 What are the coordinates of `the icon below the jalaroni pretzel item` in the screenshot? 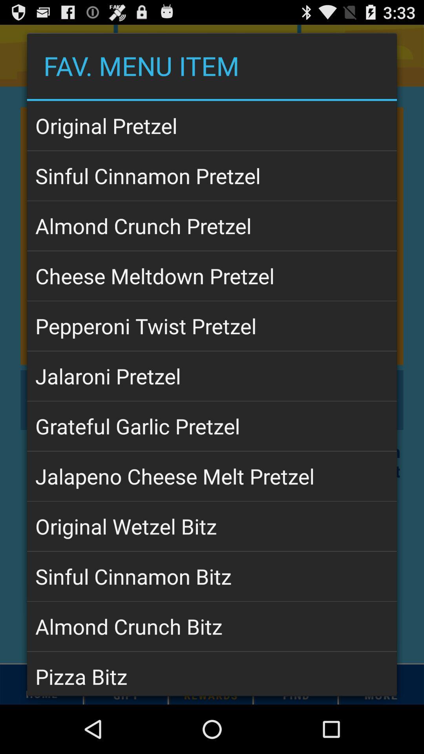 It's located at (212, 426).